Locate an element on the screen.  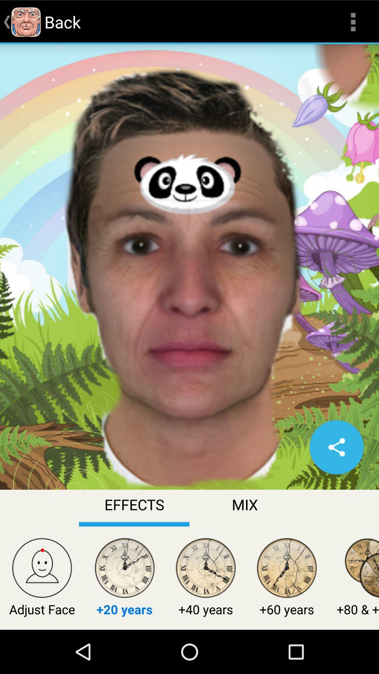
the share icon is located at coordinates (336, 478).